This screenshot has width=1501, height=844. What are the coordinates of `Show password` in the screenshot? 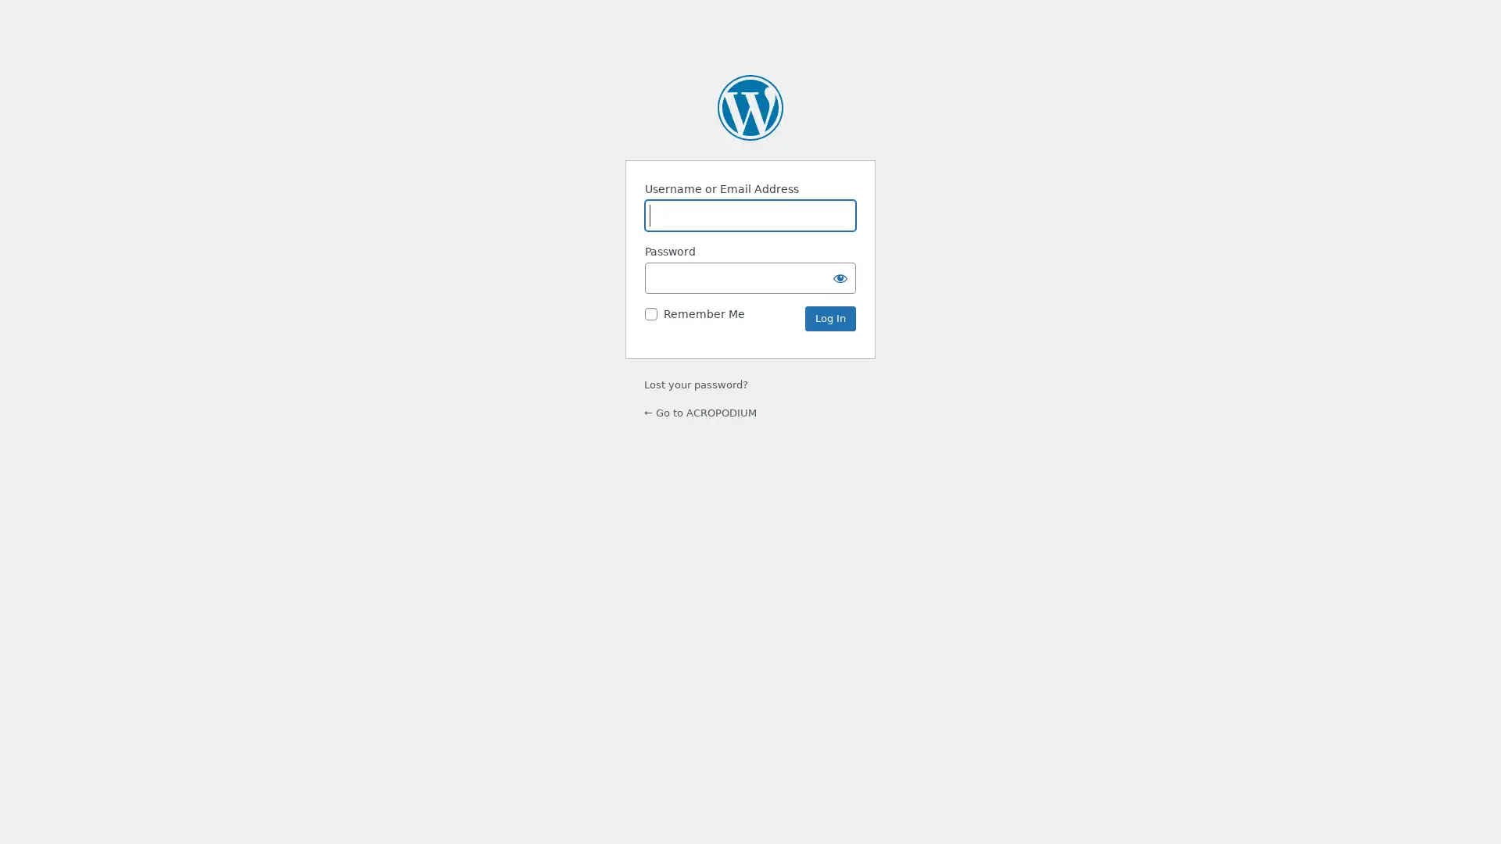 It's located at (840, 277).